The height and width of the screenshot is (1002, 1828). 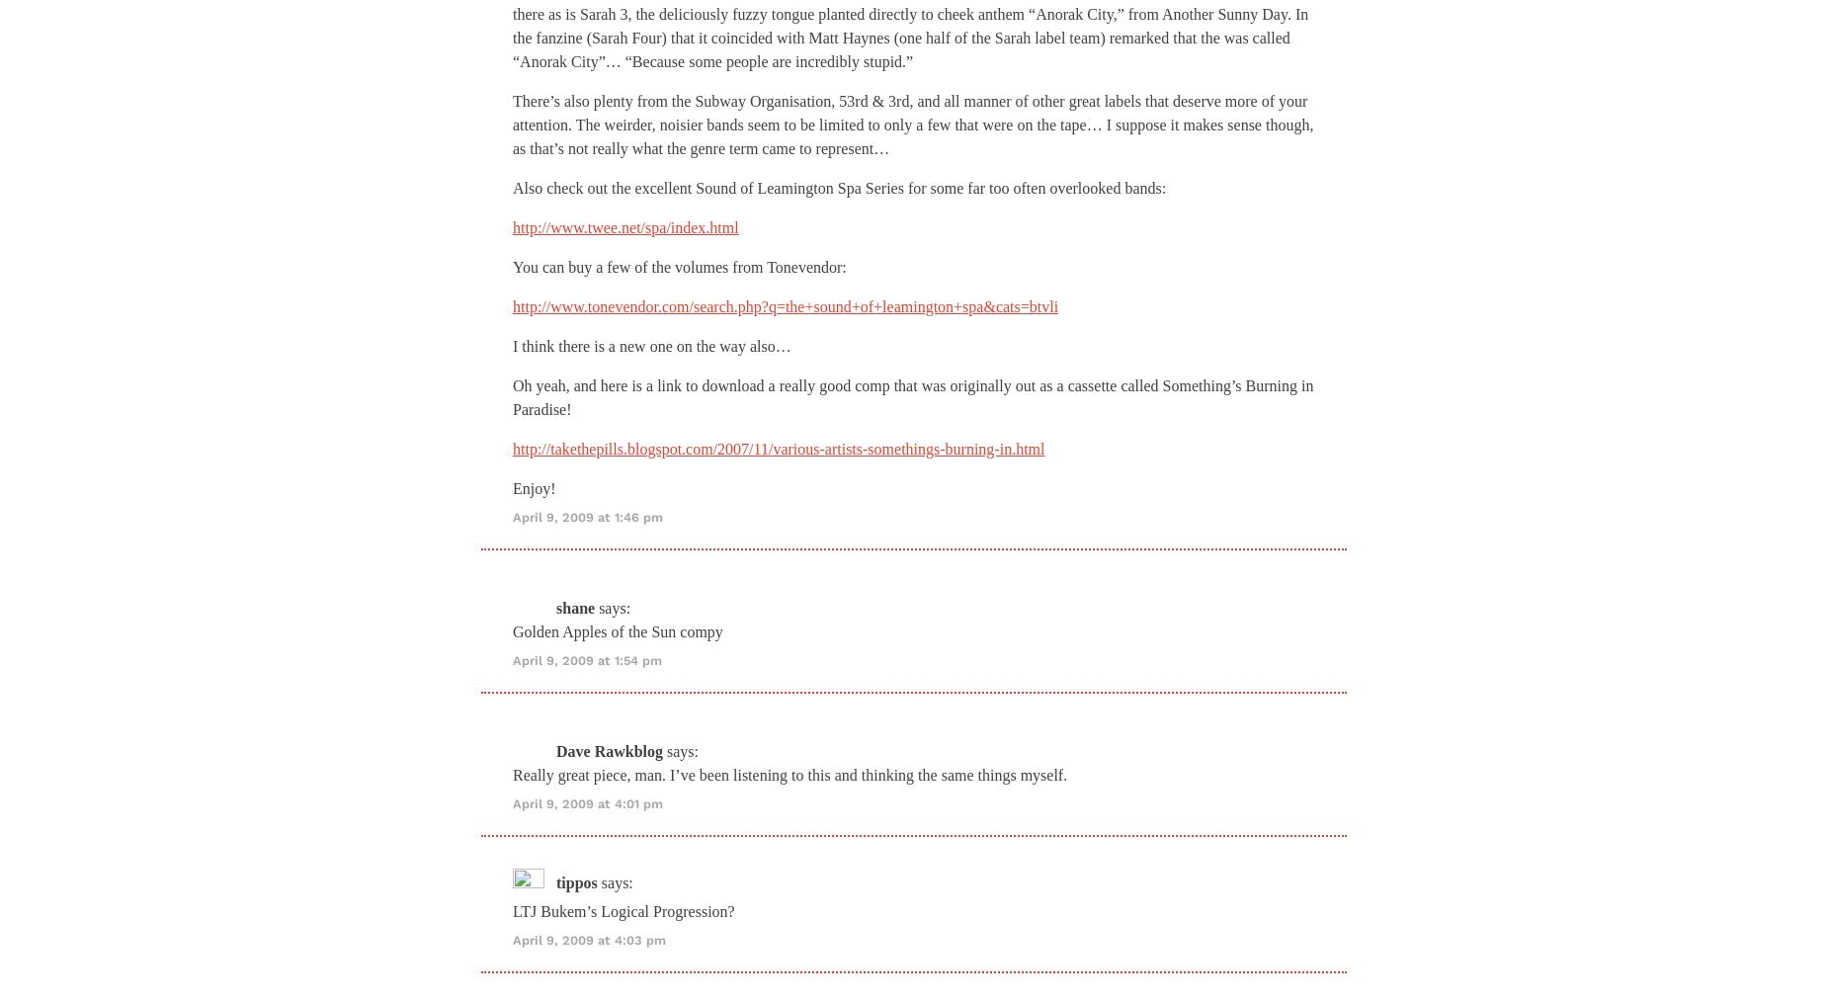 I want to click on 'http://www.tonevendor.com/search.php?q=the+sound+of+leamington+spa&cats=btvli', so click(x=512, y=305).